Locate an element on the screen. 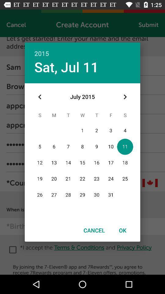 The height and width of the screenshot is (294, 165). the sat, jul 11 item is located at coordinates (66, 67).